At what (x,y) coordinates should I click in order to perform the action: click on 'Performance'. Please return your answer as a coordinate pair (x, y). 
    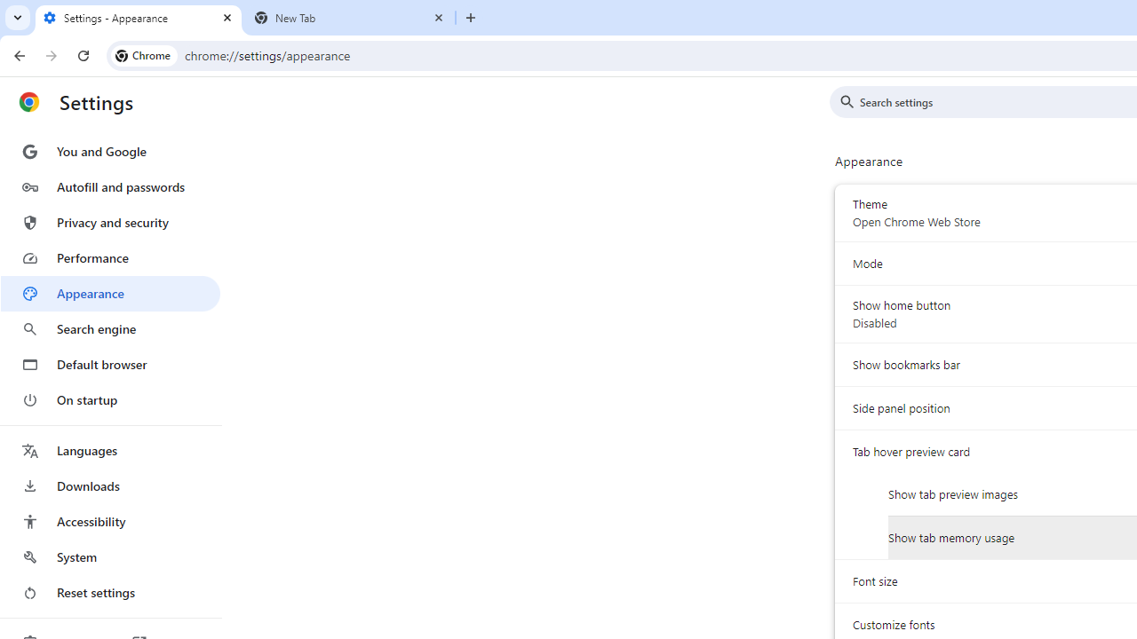
    Looking at the image, I should click on (109, 257).